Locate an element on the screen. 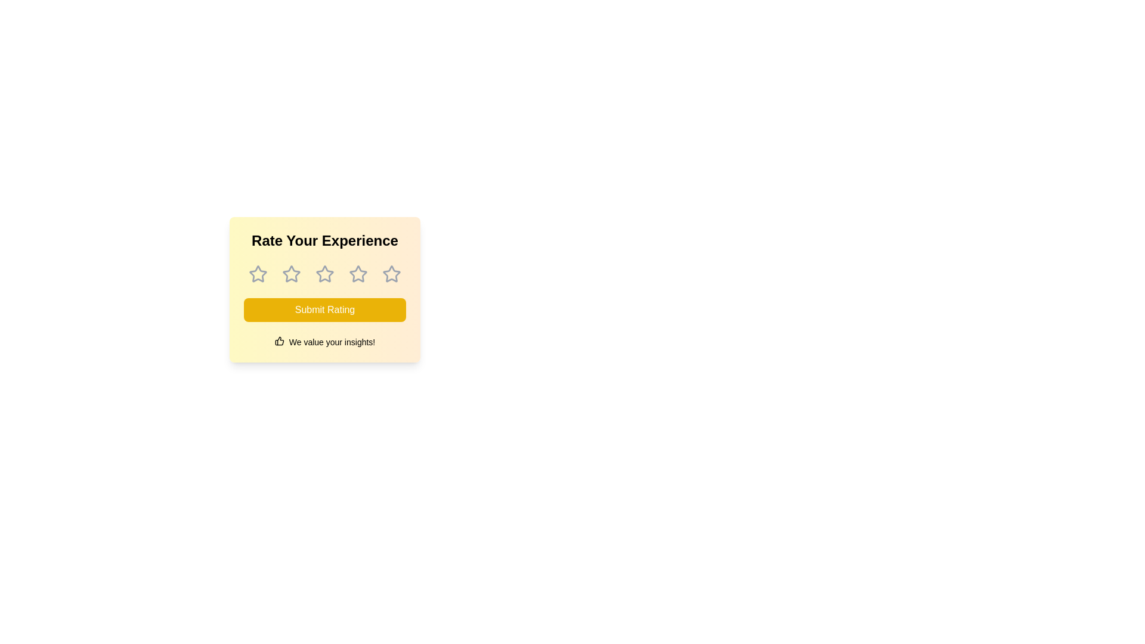 This screenshot has height=644, width=1145. the second star in the rating row beneath the 'Rate Your Experience' heading to rate it is located at coordinates (292, 274).